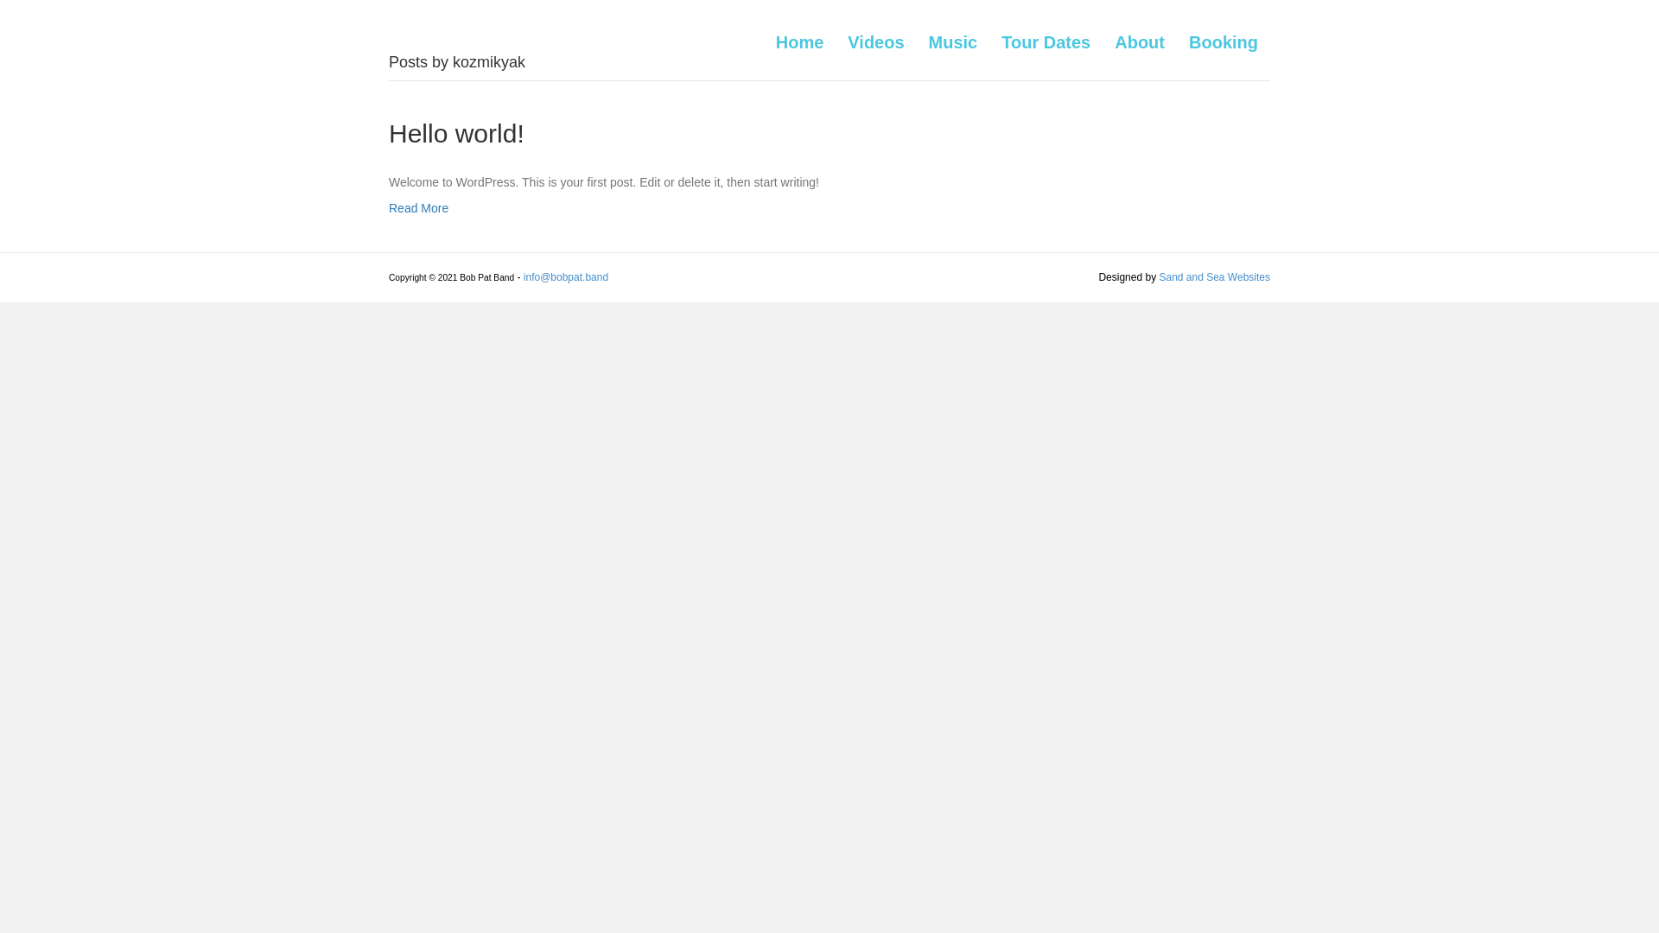  What do you see at coordinates (456, 132) in the screenshot?
I see `'Hello world!'` at bounding box center [456, 132].